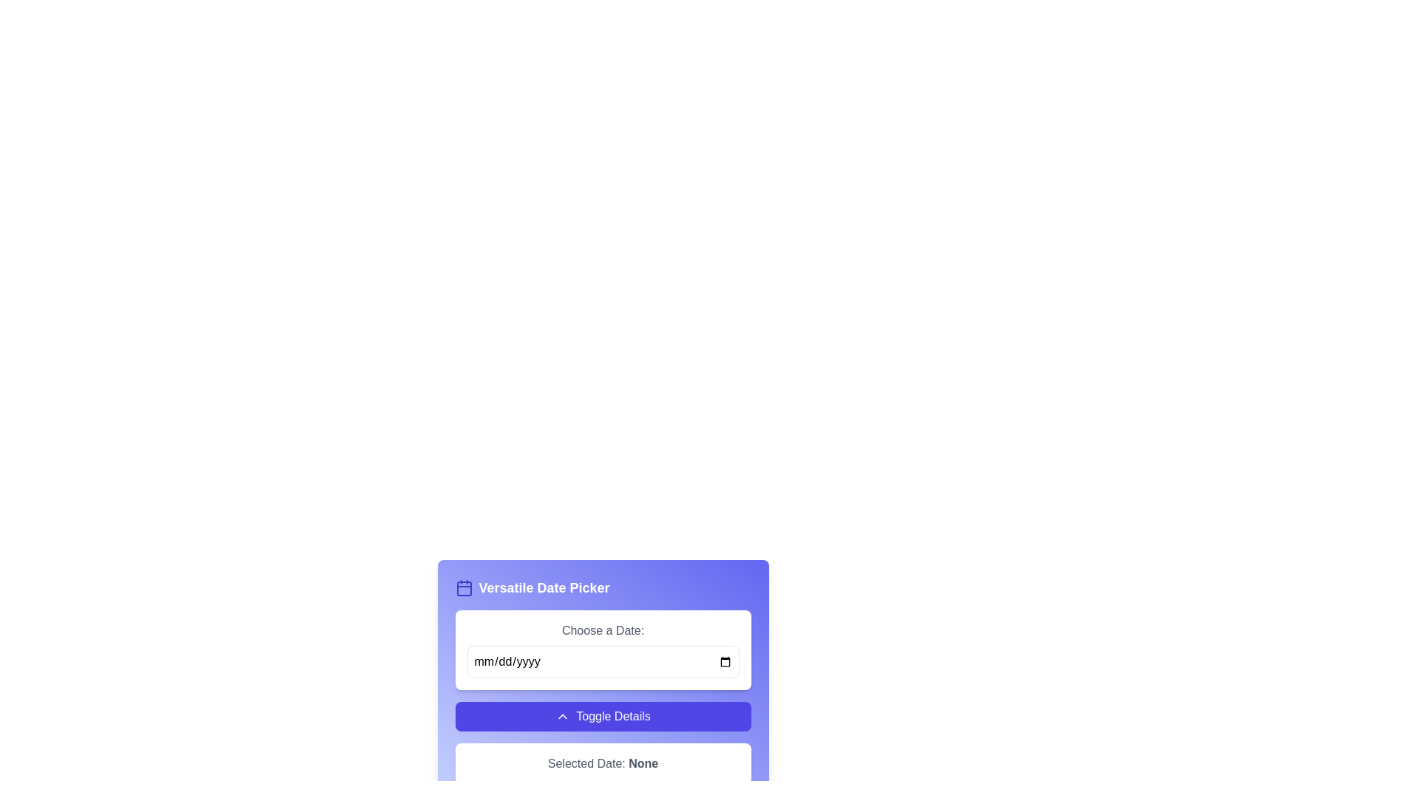 This screenshot has height=798, width=1420. What do you see at coordinates (463, 588) in the screenshot?
I see `the decorative element of the calendar icon located in the top-left corner of the 'Versatile Date Picker' section` at bounding box center [463, 588].